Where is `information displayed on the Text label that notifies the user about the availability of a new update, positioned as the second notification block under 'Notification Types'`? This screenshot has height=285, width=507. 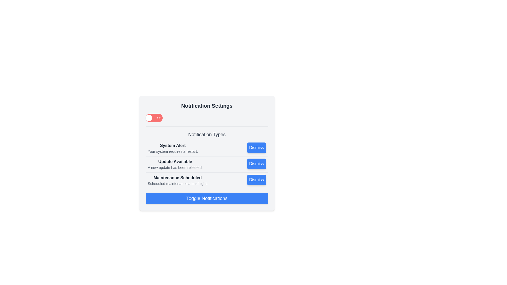
information displayed on the Text label that notifies the user about the availability of a new update, positioned as the second notification block under 'Notification Types' is located at coordinates (175, 164).